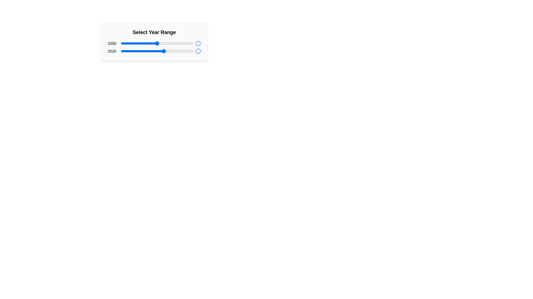  I want to click on the year value, so click(122, 51).